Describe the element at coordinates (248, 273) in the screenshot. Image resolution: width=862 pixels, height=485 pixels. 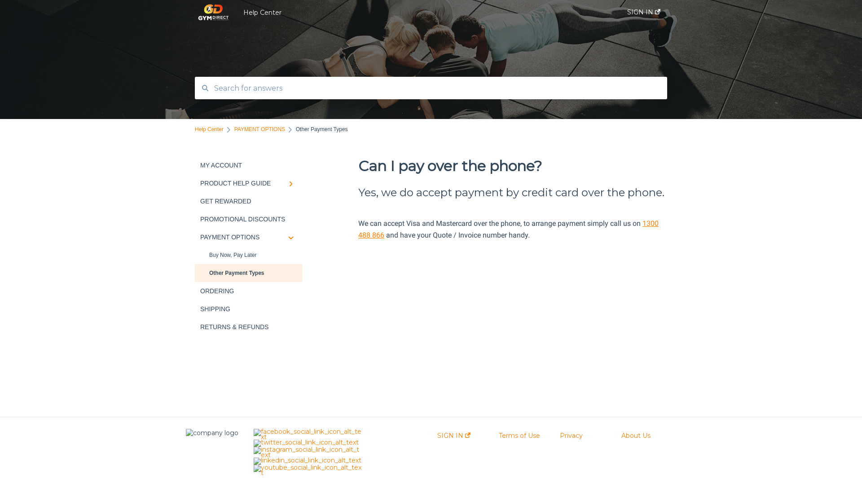
I see `'Other Payment Types'` at that location.